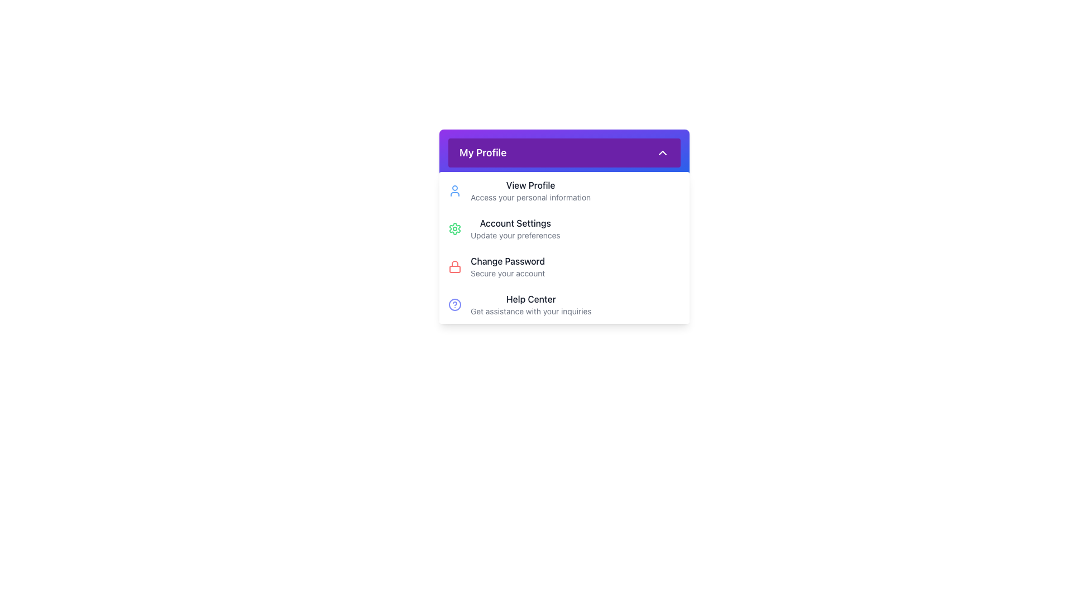 The height and width of the screenshot is (603, 1072). Describe the element at coordinates (455, 305) in the screenshot. I see `the 'Help Center' icon in the dropdown menu, which is the leftmost component and serves as a visual cue` at that location.